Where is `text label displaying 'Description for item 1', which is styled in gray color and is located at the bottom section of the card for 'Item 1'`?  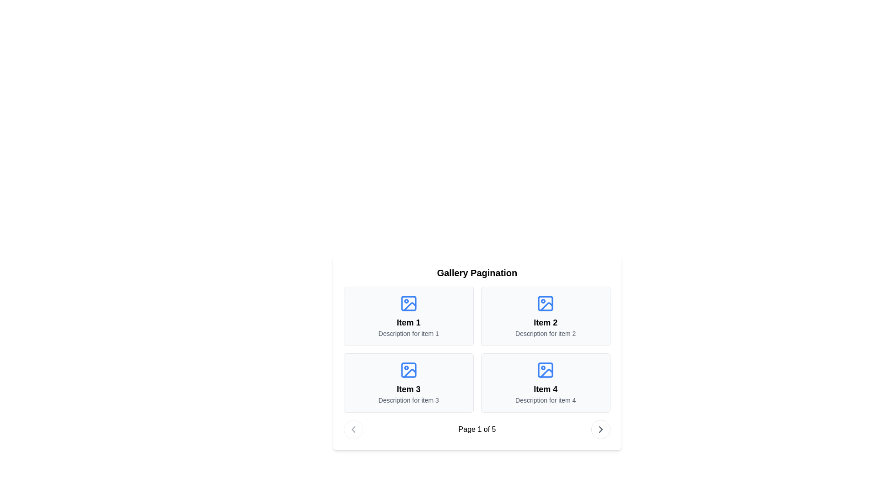
text label displaying 'Description for item 1', which is styled in gray color and is located at the bottom section of the card for 'Item 1' is located at coordinates (408, 334).